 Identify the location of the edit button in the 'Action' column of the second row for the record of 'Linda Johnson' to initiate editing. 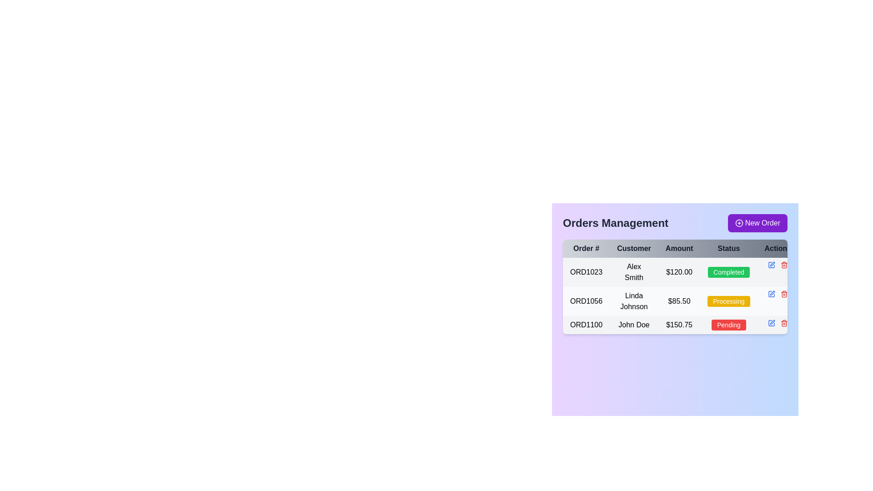
(772, 264).